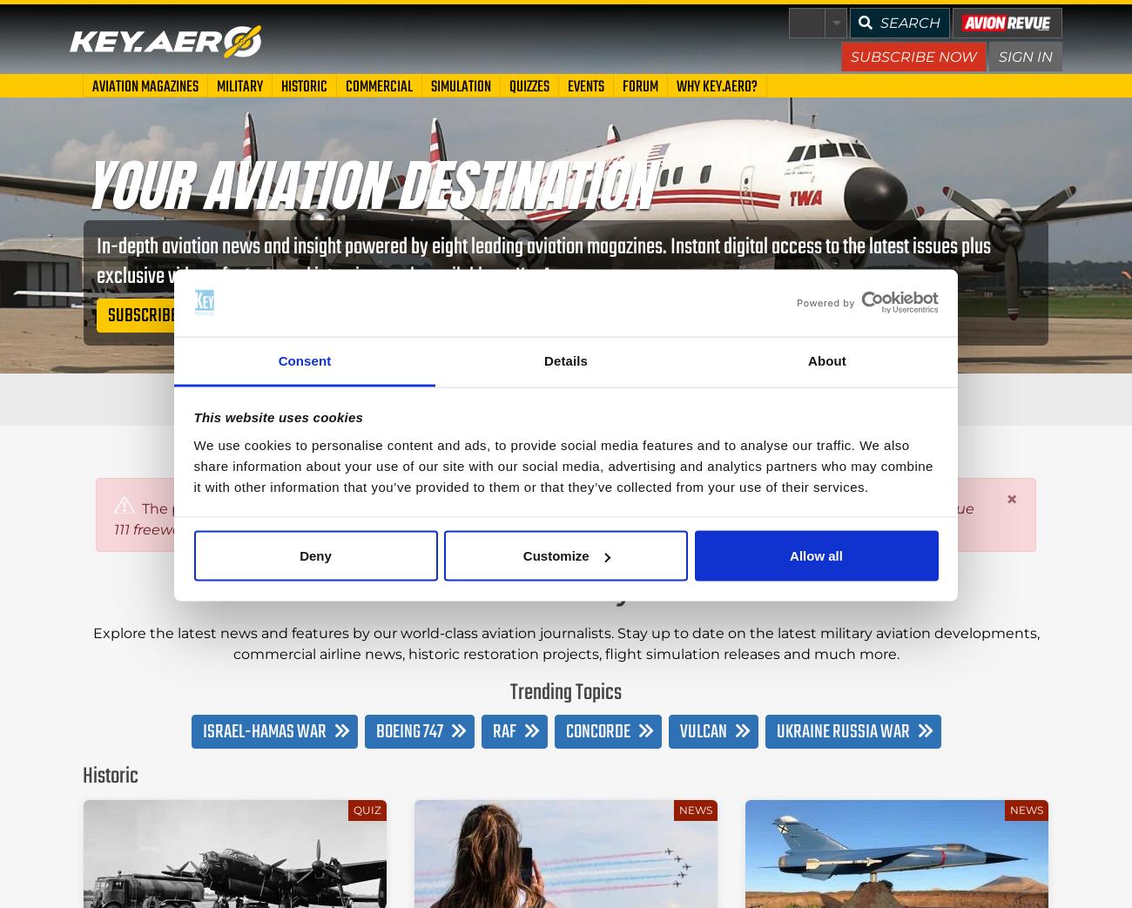 The image size is (1132, 908). What do you see at coordinates (366, 808) in the screenshot?
I see `'Quiz'` at bounding box center [366, 808].